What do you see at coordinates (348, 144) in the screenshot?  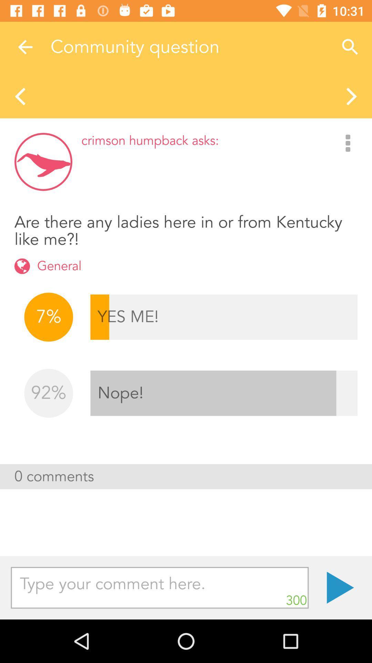 I see `the icon to the right of crimson humpback asks:` at bounding box center [348, 144].